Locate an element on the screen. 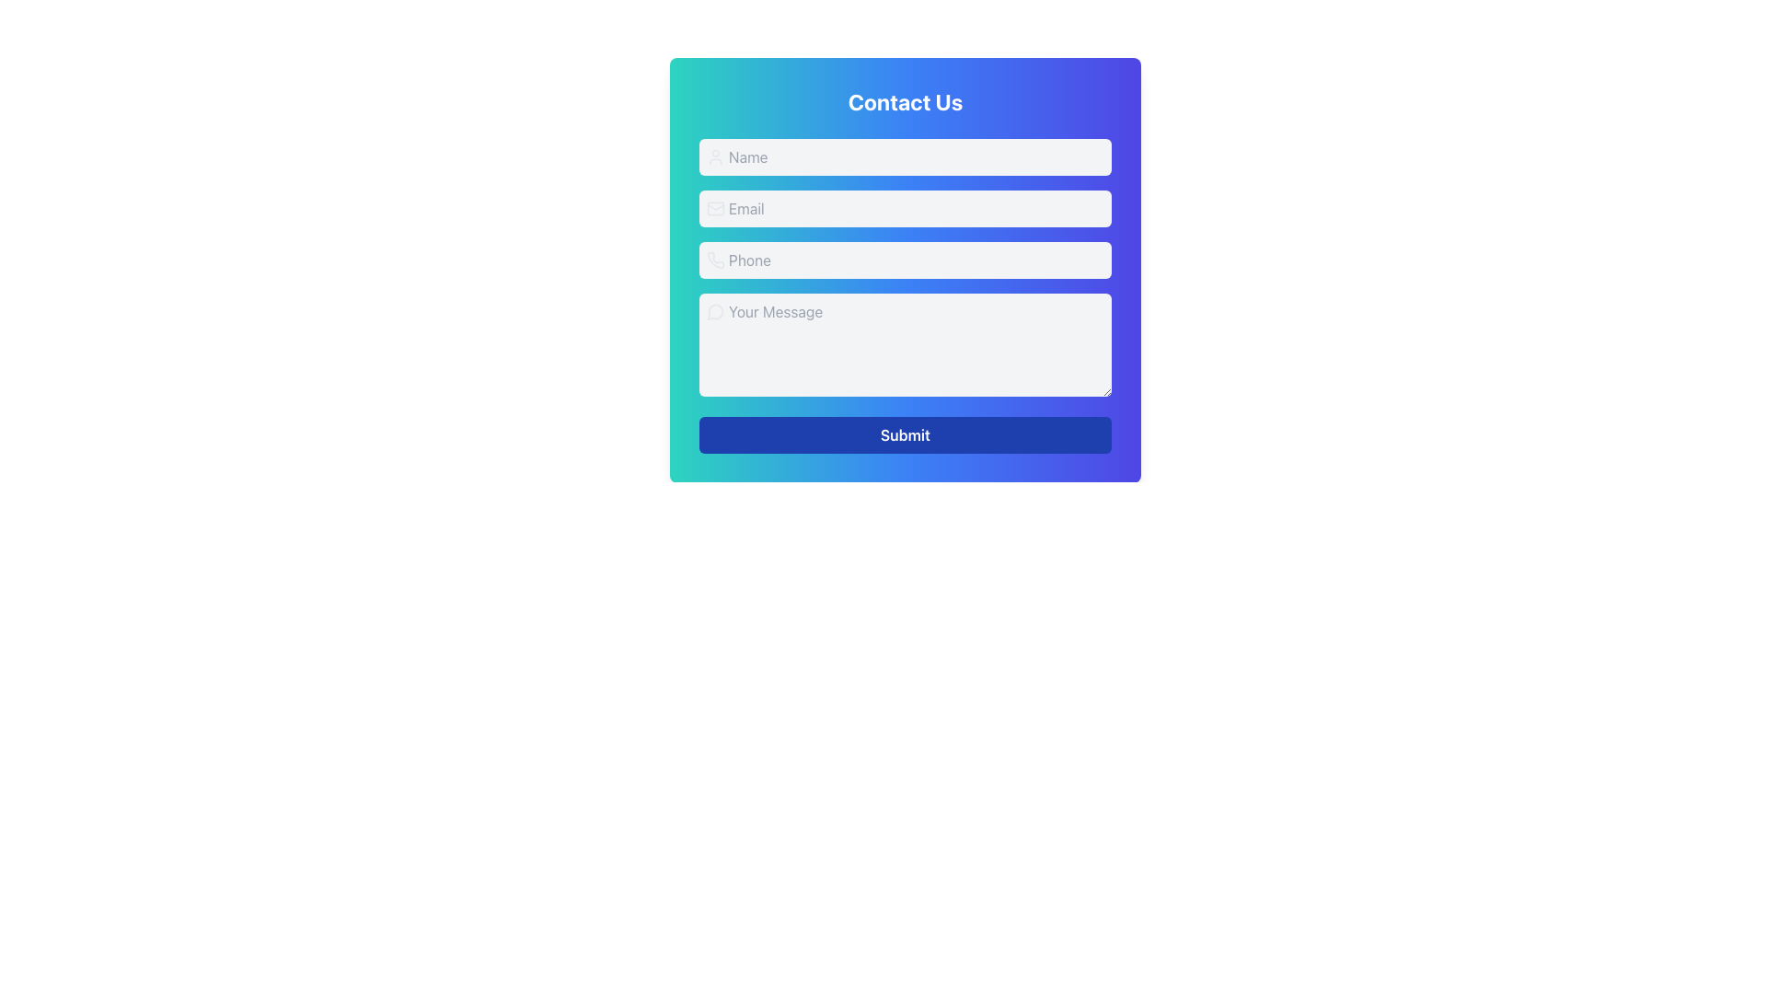  the submission button located at the bottom of the form is located at coordinates (905, 435).